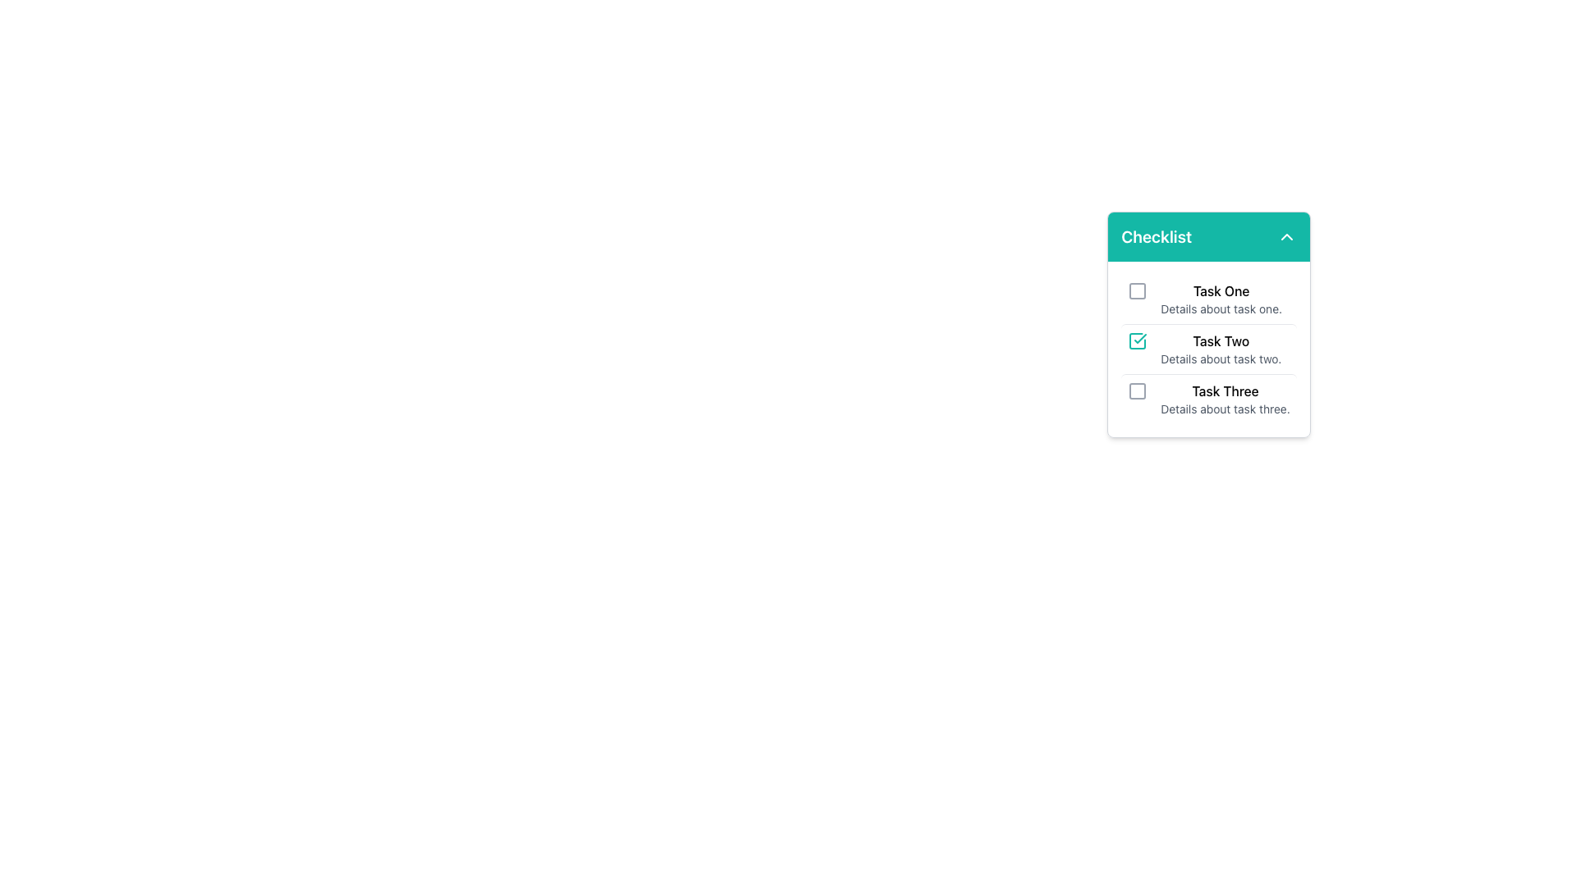 The height and width of the screenshot is (886, 1576). What do you see at coordinates (1221, 348) in the screenshot?
I see `the second list item in the checklist titled 'Task Two' which has a bold title and smaller descriptive text below it` at bounding box center [1221, 348].